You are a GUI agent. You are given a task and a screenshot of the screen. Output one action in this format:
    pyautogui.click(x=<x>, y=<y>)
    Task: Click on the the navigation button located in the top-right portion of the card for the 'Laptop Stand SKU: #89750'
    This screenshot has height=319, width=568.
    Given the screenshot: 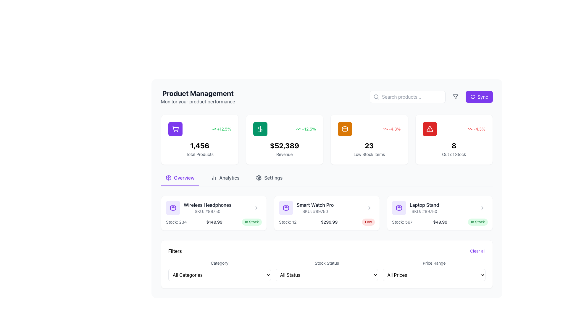 What is the action you would take?
    pyautogui.click(x=483, y=208)
    